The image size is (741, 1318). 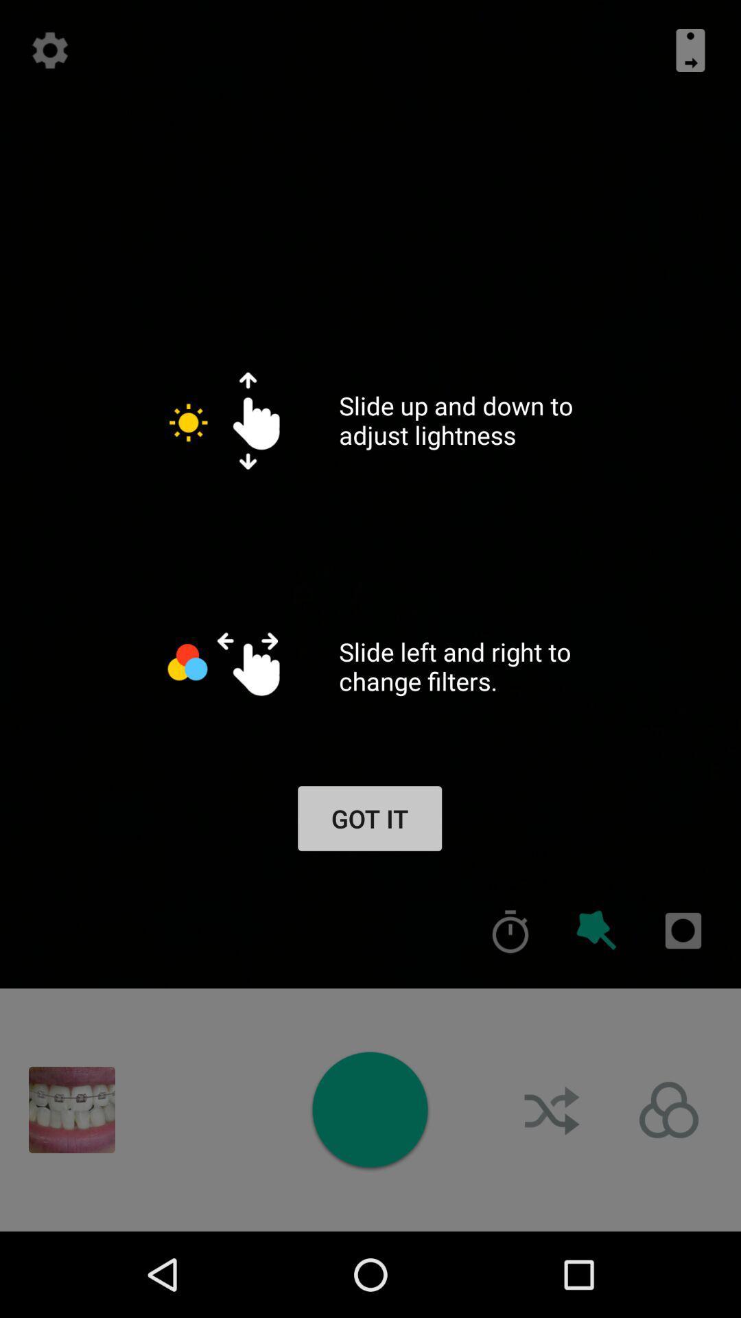 I want to click on photo timer, so click(x=510, y=931).